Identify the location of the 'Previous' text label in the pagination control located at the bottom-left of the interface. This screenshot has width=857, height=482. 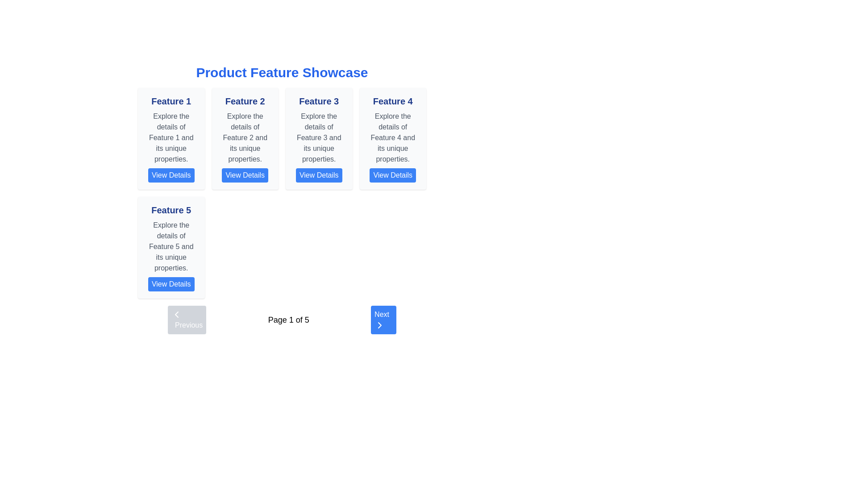
(188, 325).